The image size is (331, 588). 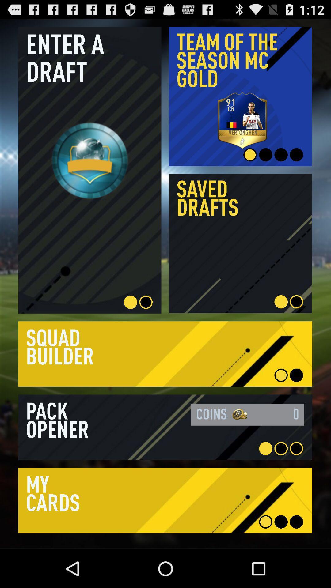 I want to click on to view the item, so click(x=165, y=427).